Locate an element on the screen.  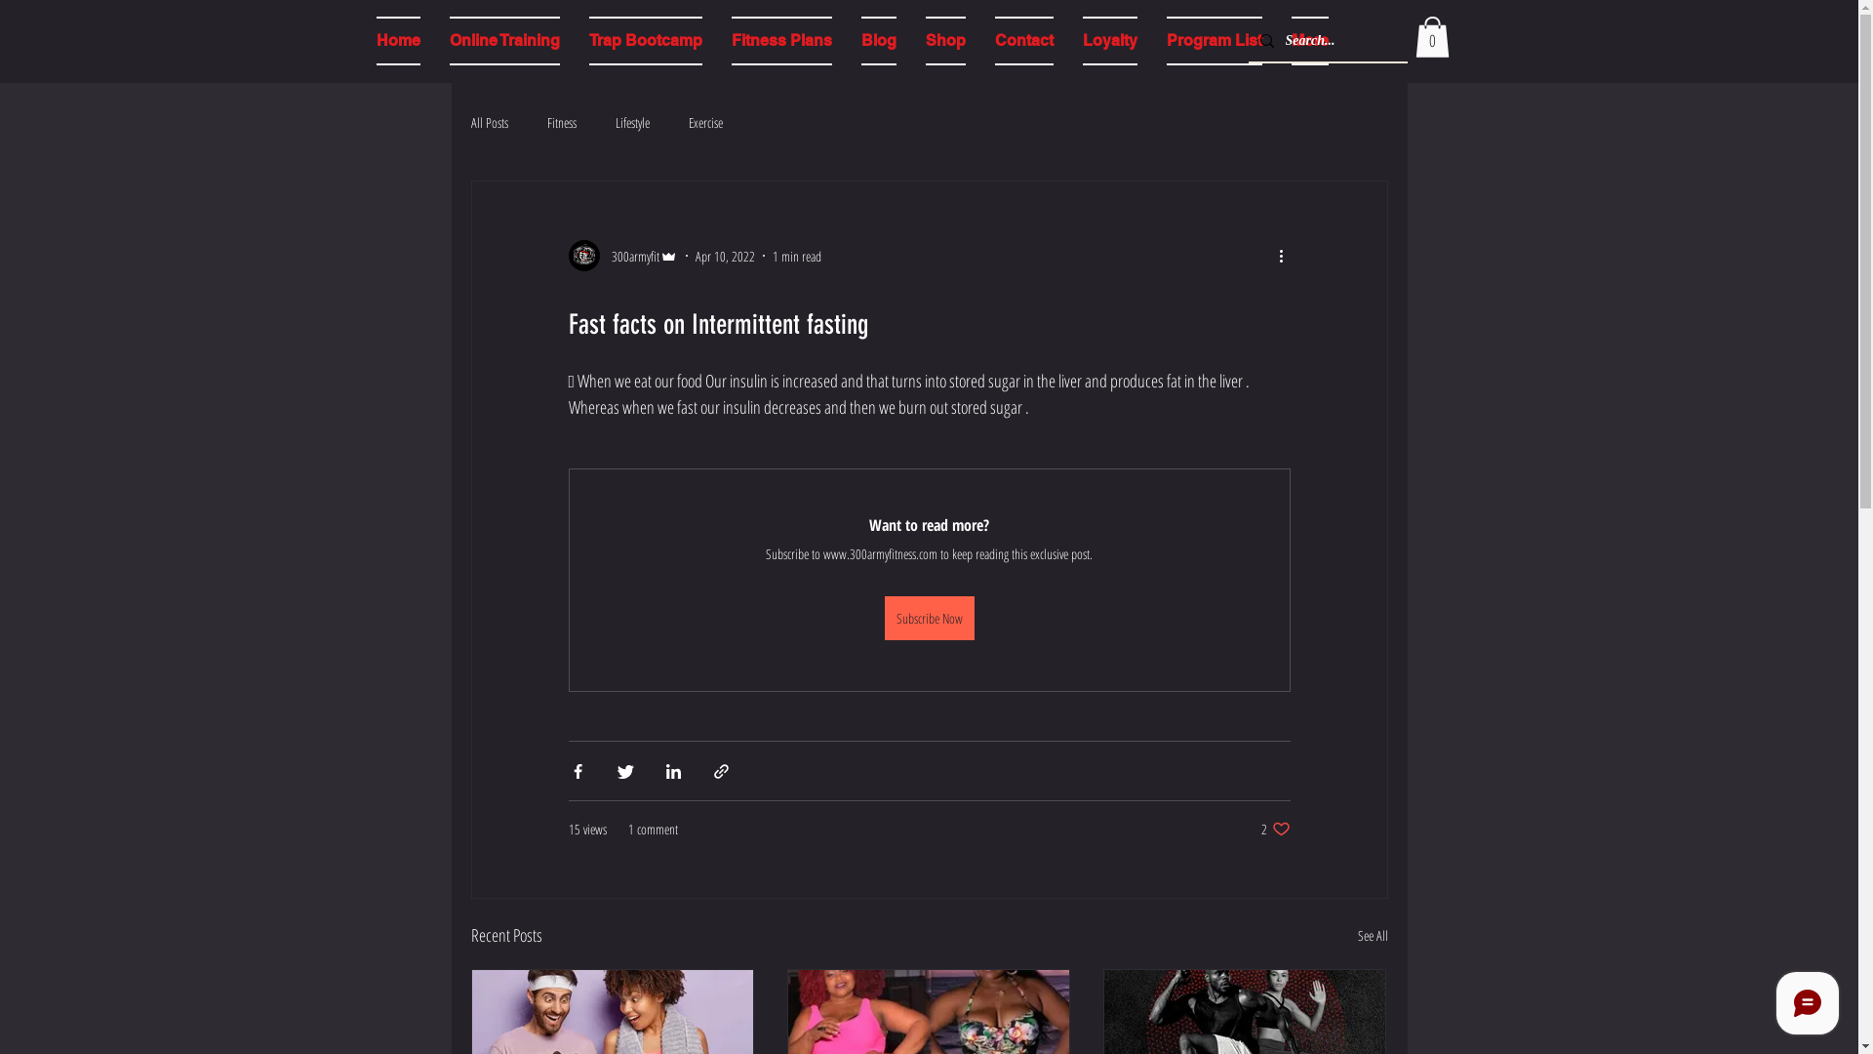
'Exercise' is located at coordinates (704, 122).